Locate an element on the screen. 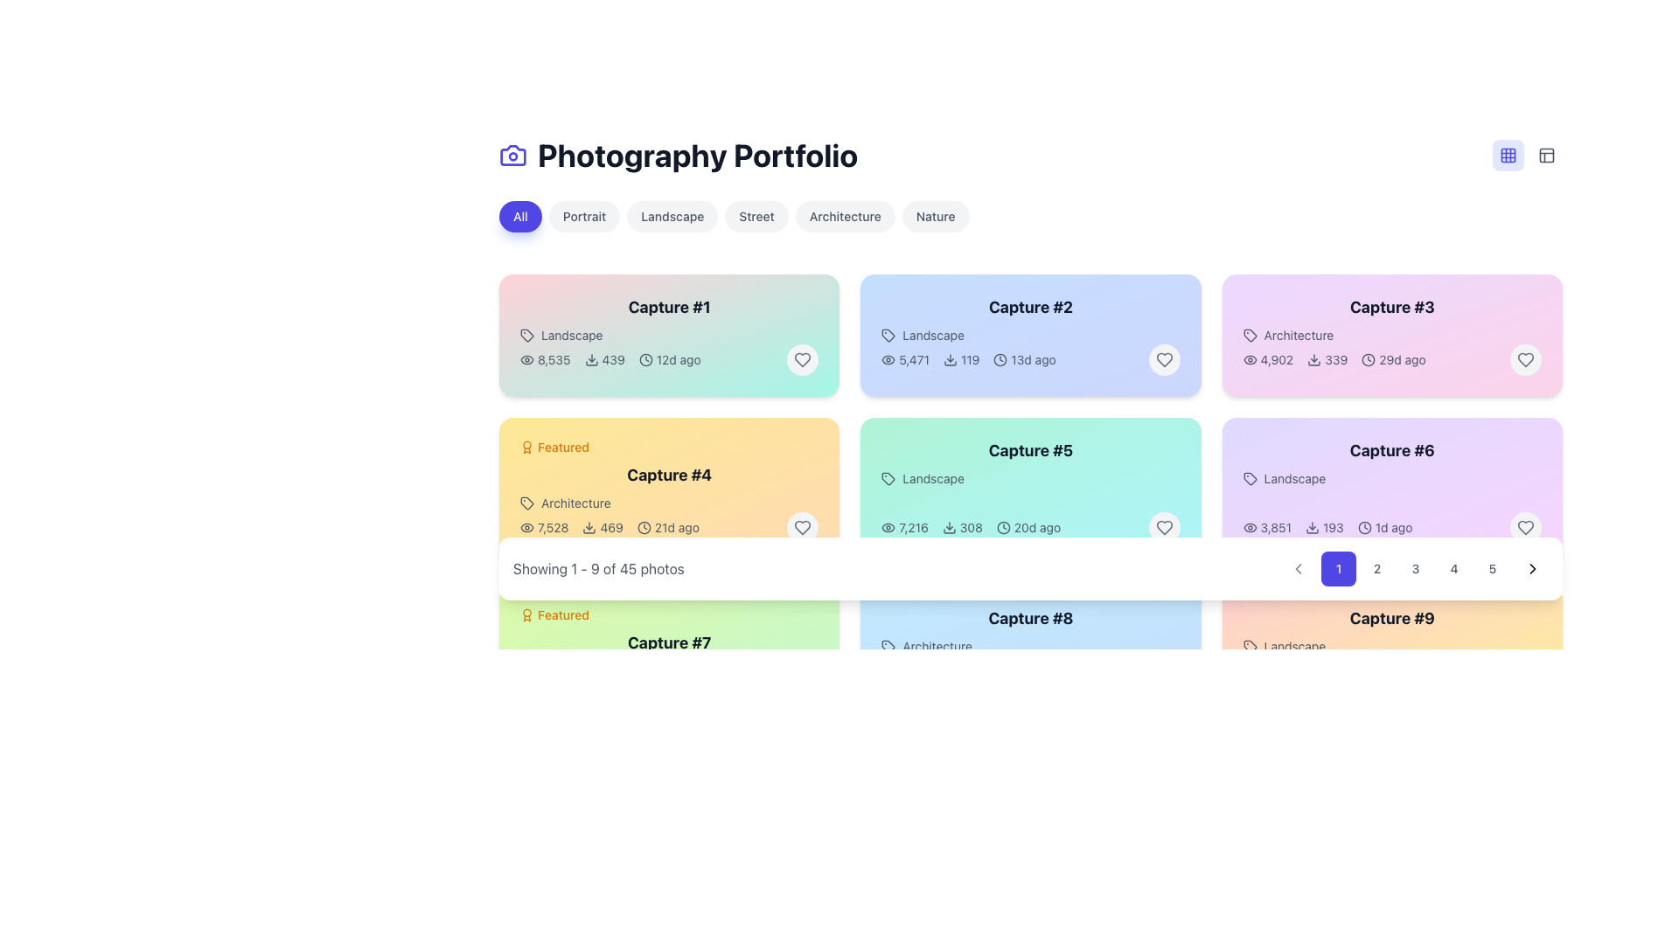 The image size is (1679, 944). the pagination control at the center bottom of the gallery is located at coordinates (1031, 569).